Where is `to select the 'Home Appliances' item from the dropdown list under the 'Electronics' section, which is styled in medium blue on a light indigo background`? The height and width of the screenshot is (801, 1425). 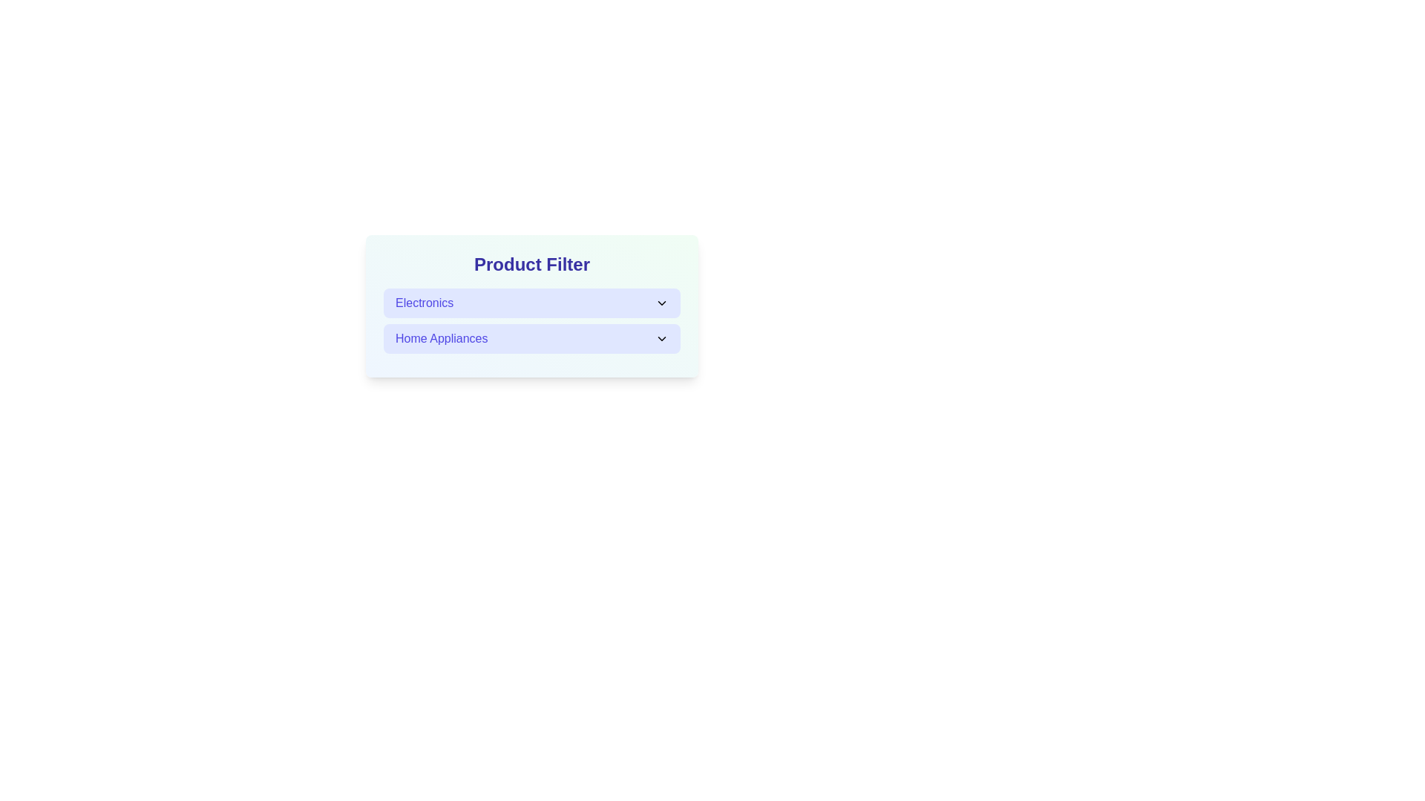
to select the 'Home Appliances' item from the dropdown list under the 'Electronics' section, which is styled in medium blue on a light indigo background is located at coordinates (531, 338).